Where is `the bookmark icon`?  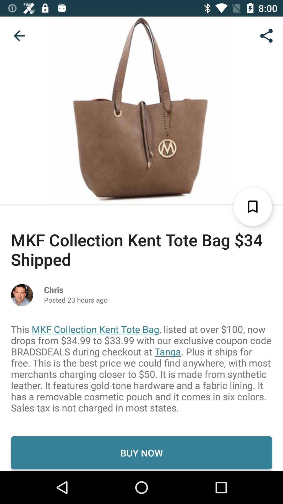 the bookmark icon is located at coordinates (252, 206).